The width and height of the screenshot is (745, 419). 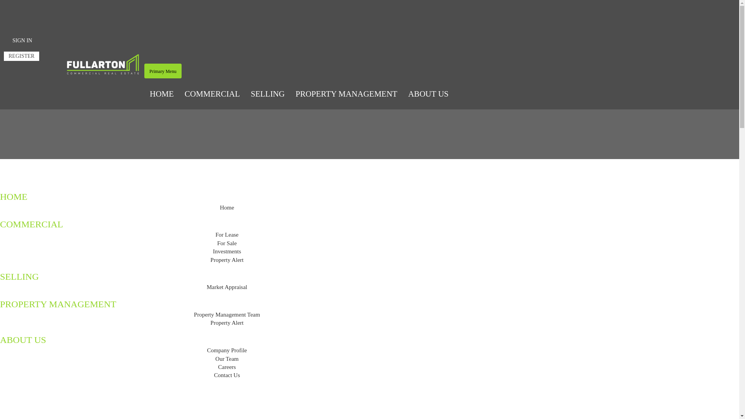 What do you see at coordinates (227, 287) in the screenshot?
I see `'Market Appraisal'` at bounding box center [227, 287].